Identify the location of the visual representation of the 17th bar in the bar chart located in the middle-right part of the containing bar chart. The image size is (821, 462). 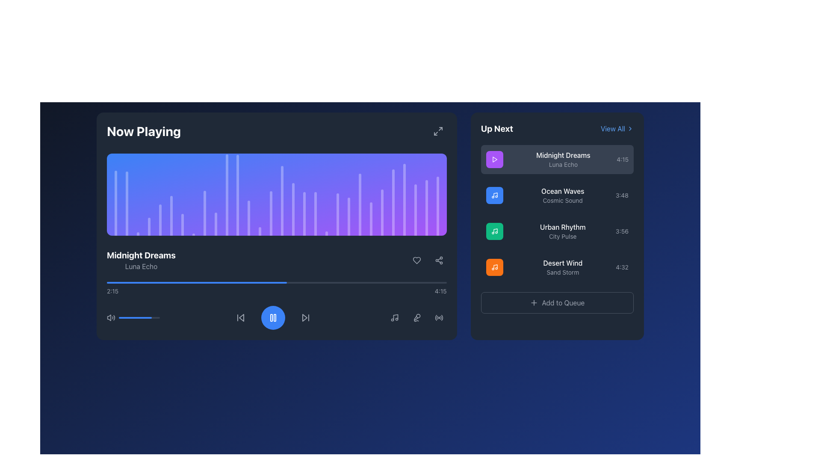
(304, 213).